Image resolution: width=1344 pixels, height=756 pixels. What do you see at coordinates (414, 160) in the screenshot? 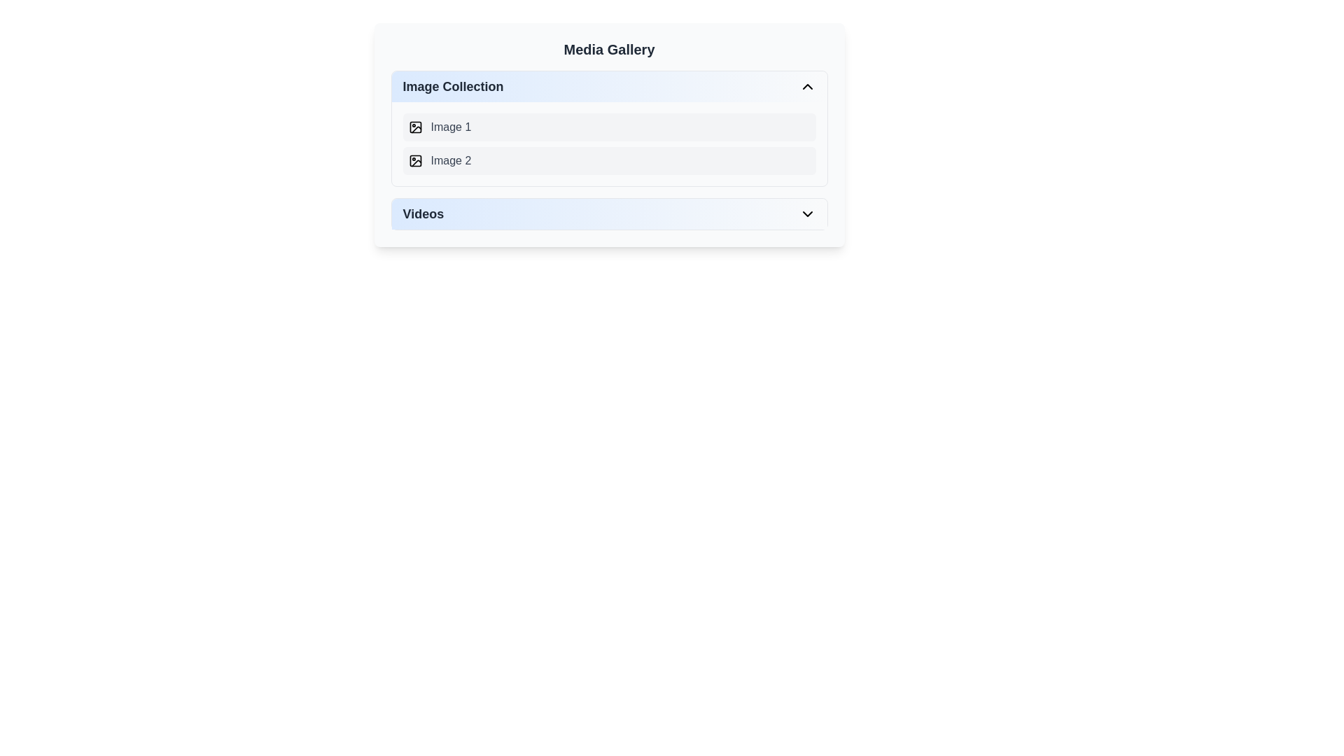
I see `the image icon located to the left of the text 'Image 2' in the 'Image Collection' section` at bounding box center [414, 160].